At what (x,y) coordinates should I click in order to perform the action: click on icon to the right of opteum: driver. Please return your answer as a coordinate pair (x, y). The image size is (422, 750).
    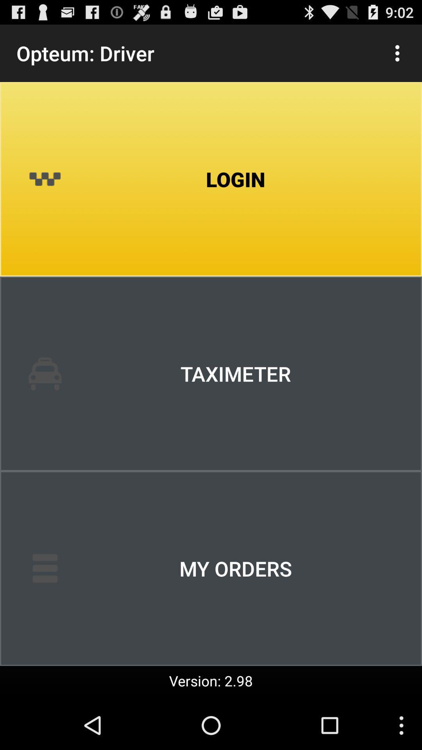
    Looking at the image, I should click on (397, 53).